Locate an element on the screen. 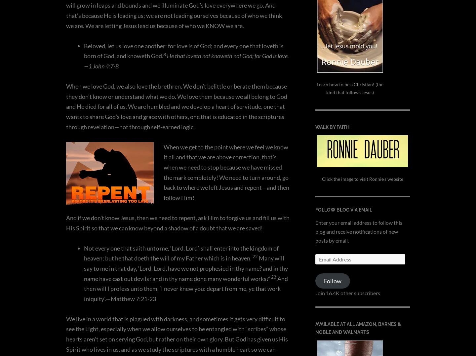 The height and width of the screenshot is (356, 476). 'And if we don’t know Jesus, then we need to repent, ask Him to forgive us and fill us with His Spirit so that we can know beyond a shadow of a doubt that we are saved!' is located at coordinates (177, 222).